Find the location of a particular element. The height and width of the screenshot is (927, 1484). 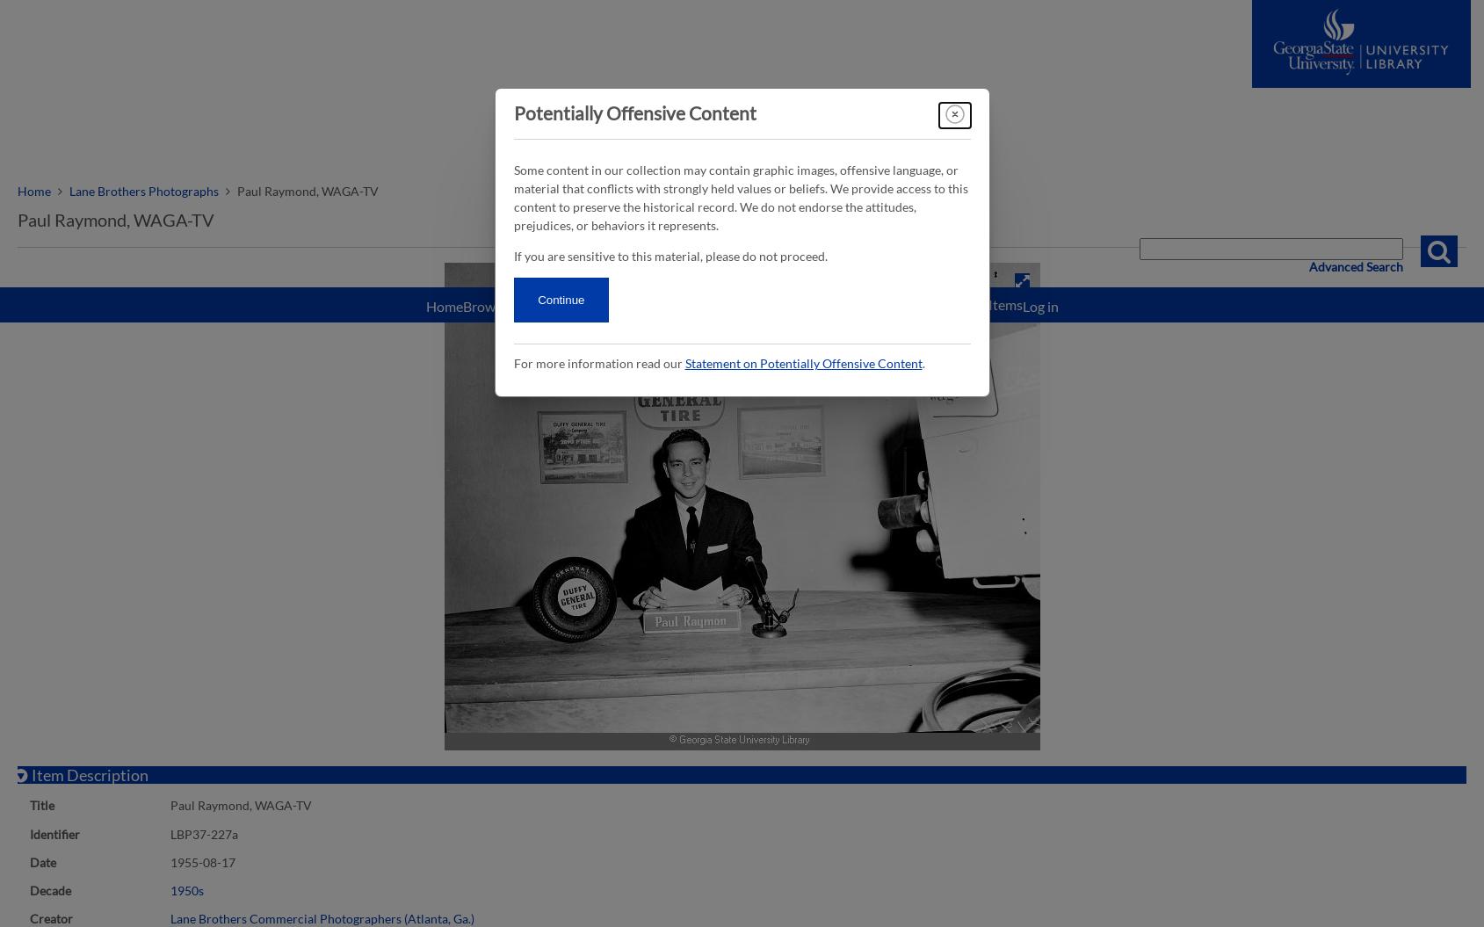

'1955-08-17' is located at coordinates (170, 861).